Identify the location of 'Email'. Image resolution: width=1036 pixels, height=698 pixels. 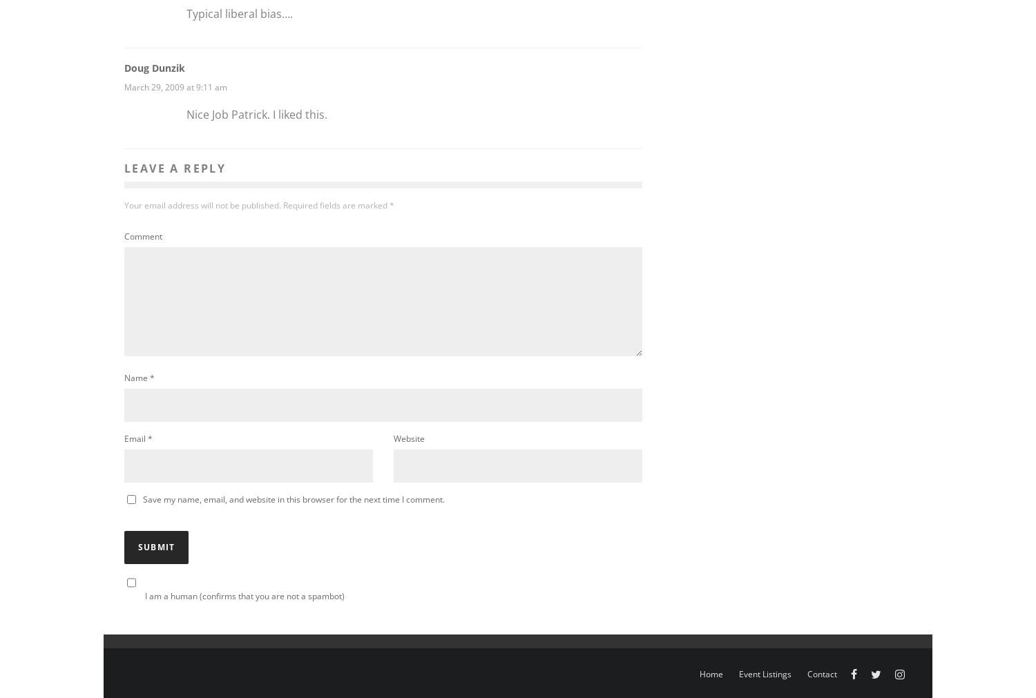
(135, 438).